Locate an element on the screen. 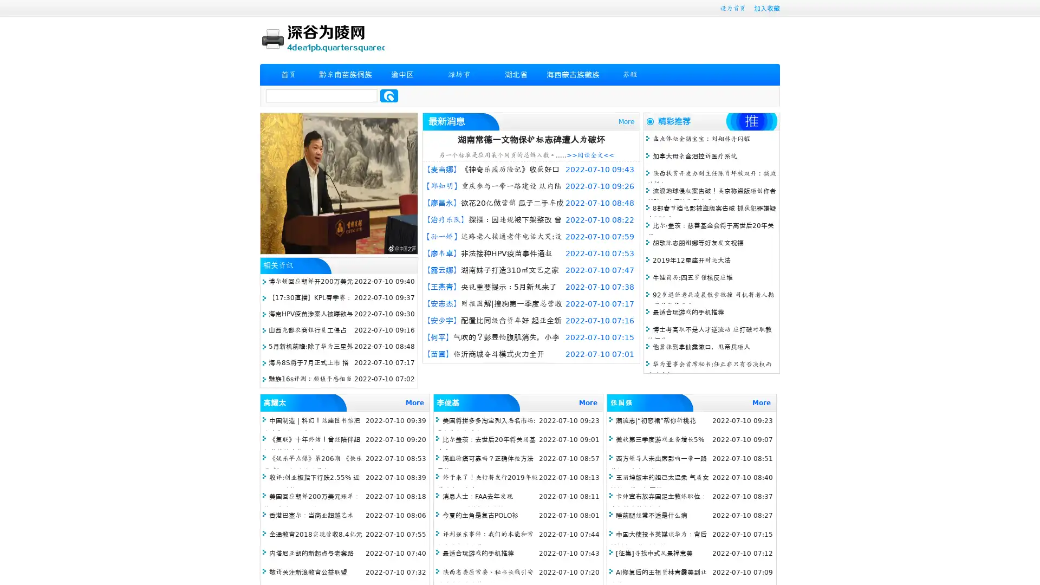 Image resolution: width=1040 pixels, height=585 pixels. Search is located at coordinates (389, 95).